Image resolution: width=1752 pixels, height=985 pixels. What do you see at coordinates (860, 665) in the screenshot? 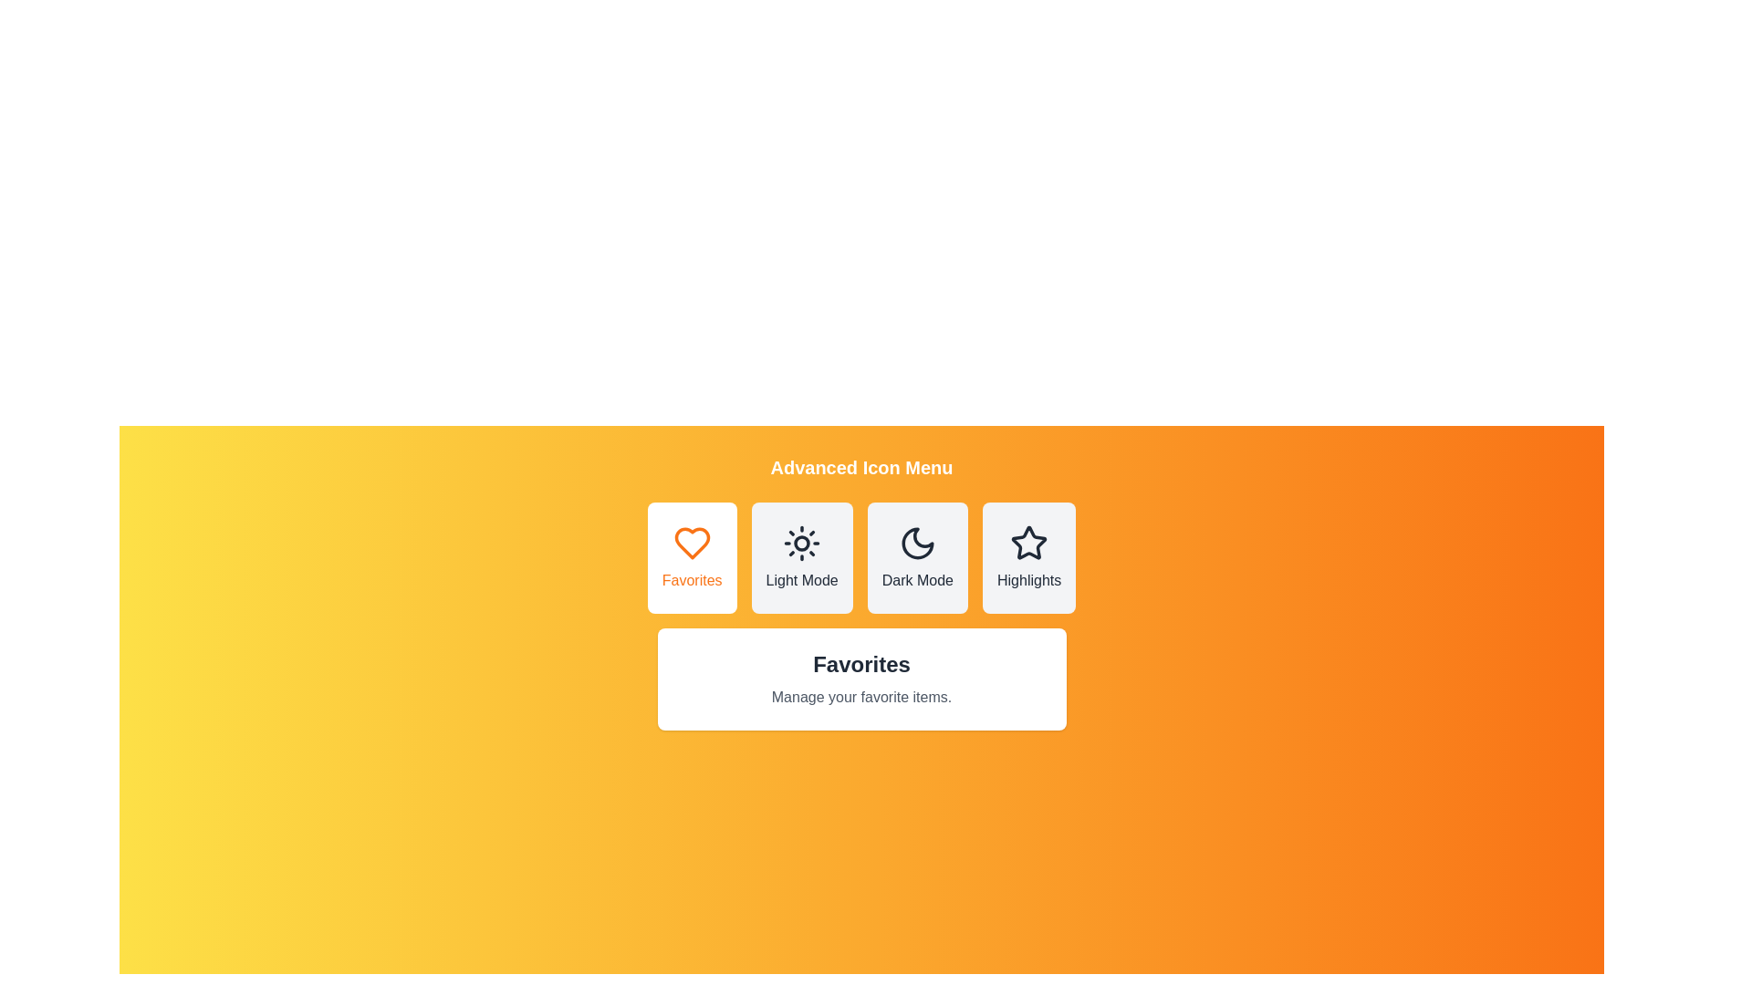
I see `the text label that serves as a title for managing favorite items, positioned above the text 'Manage your favorite items.'` at bounding box center [860, 665].